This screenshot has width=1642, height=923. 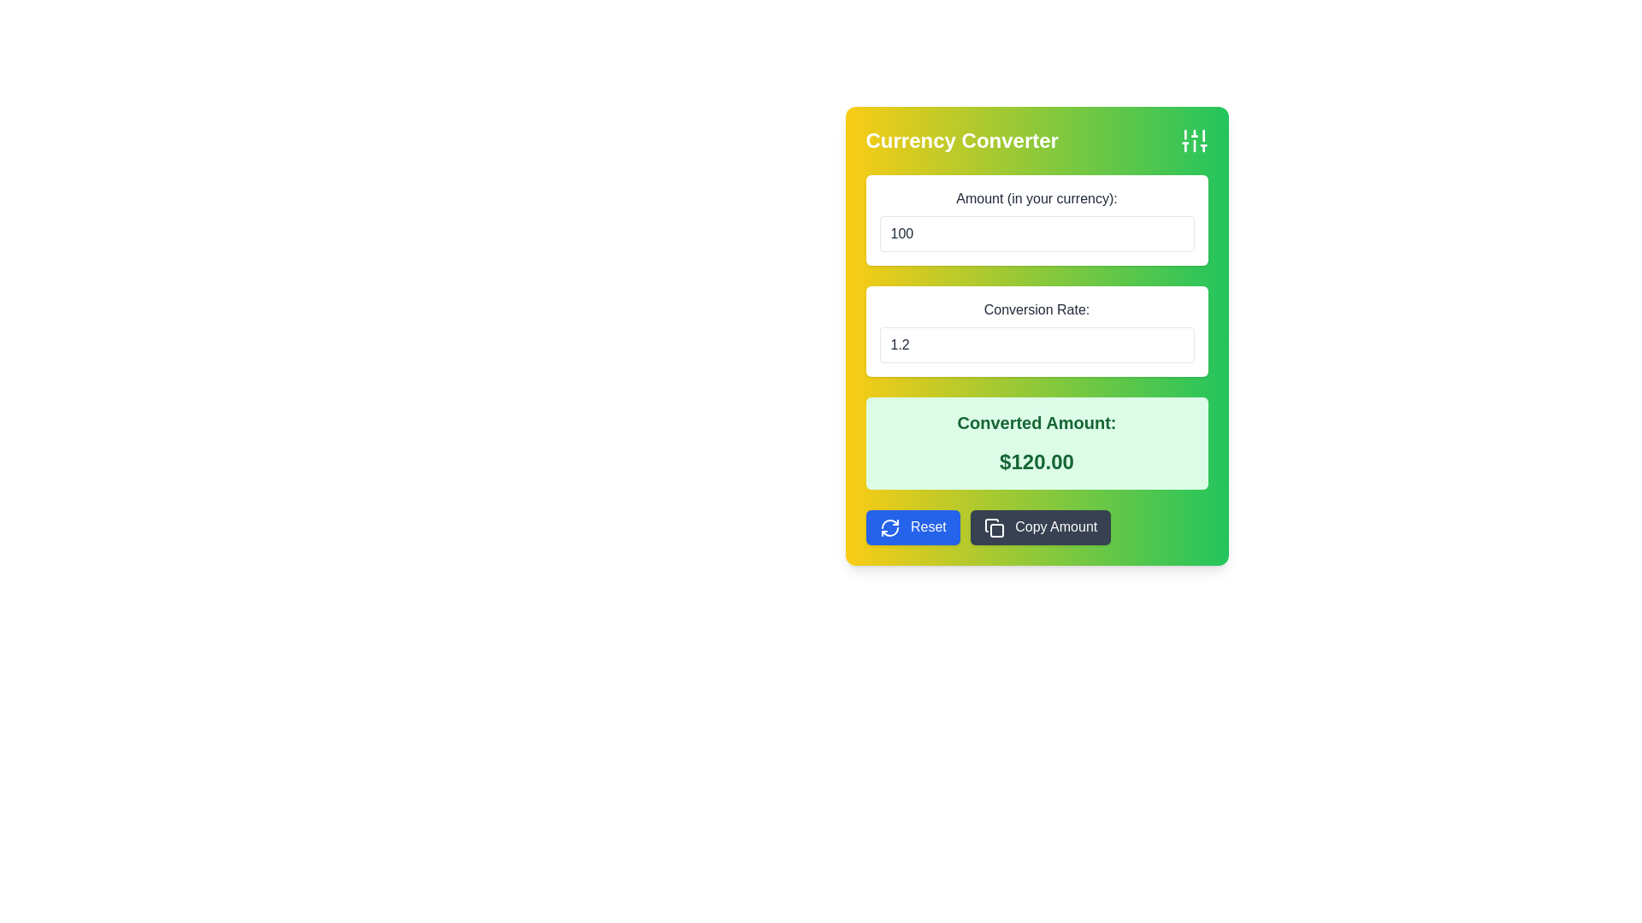 I want to click on the 'Currency Converter' text header, which is a large and bold font element located at the top-left corner of the section, prominently displayed against a gradient background, so click(x=962, y=140).